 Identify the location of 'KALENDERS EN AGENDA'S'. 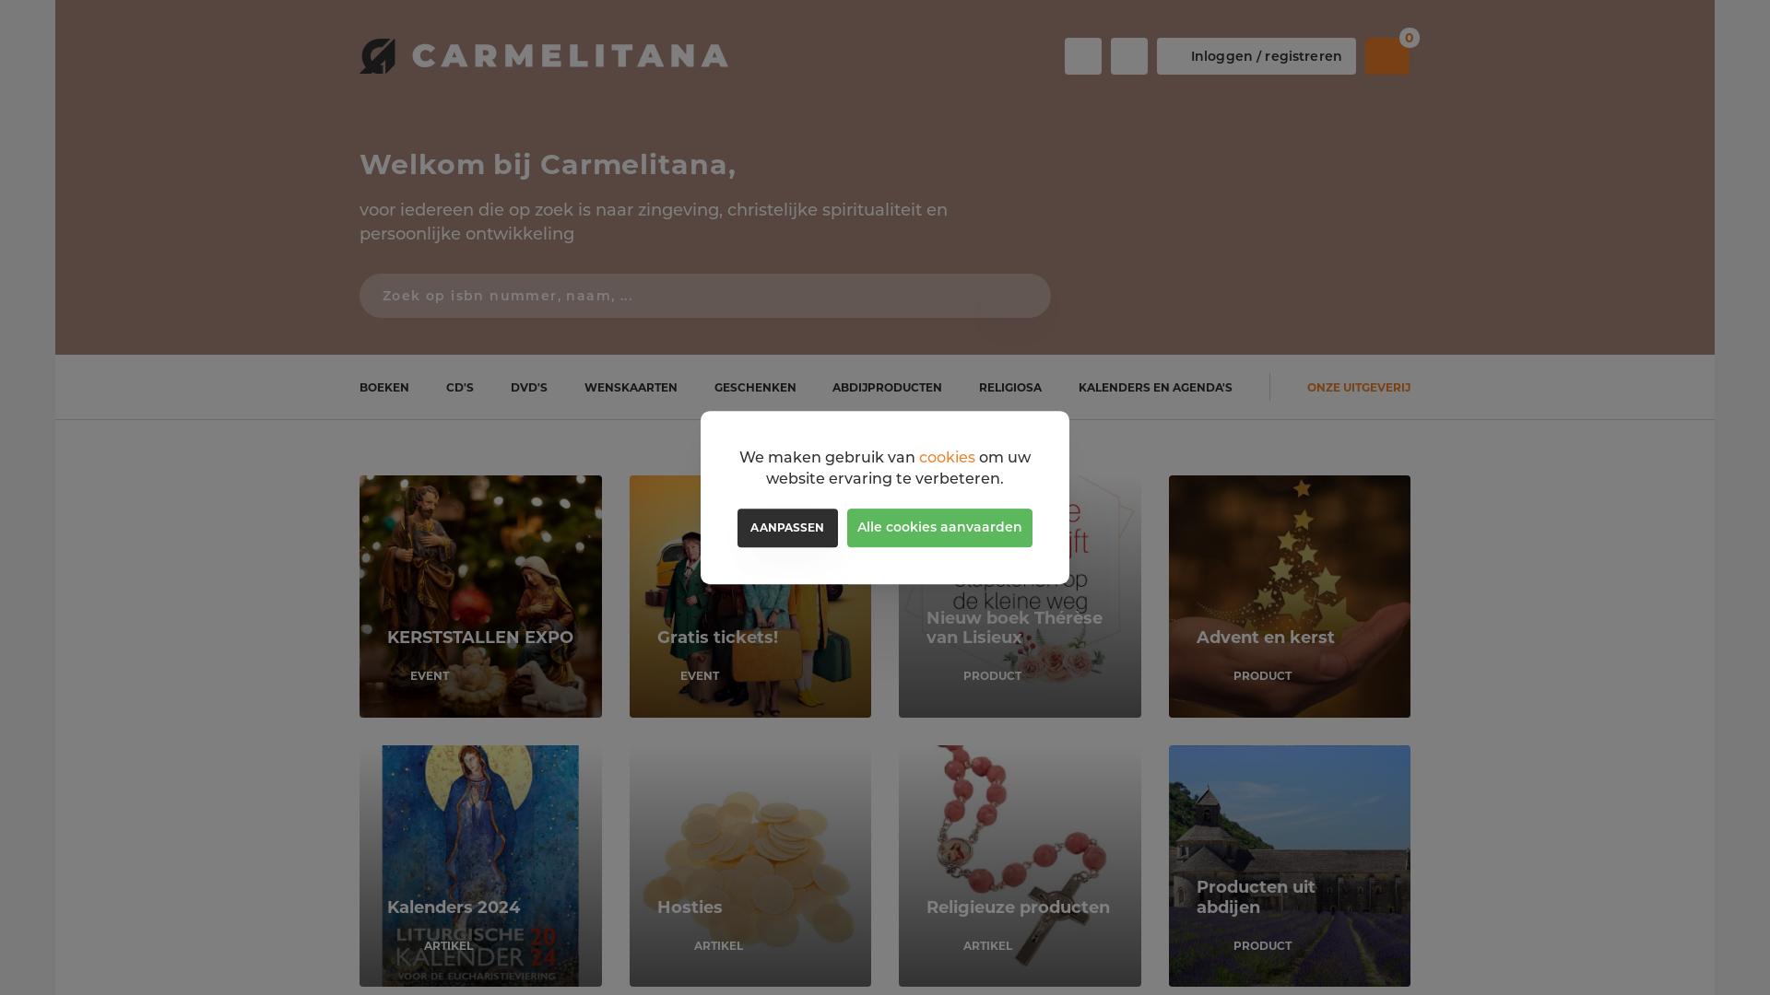
(1154, 386).